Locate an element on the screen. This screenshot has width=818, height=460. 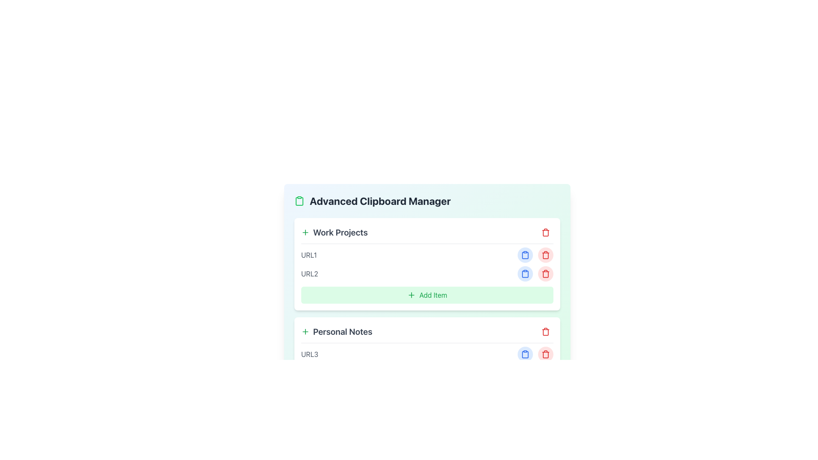
the trash can icon button, which is red-colored and indicates a delete action, located is located at coordinates (546, 274).